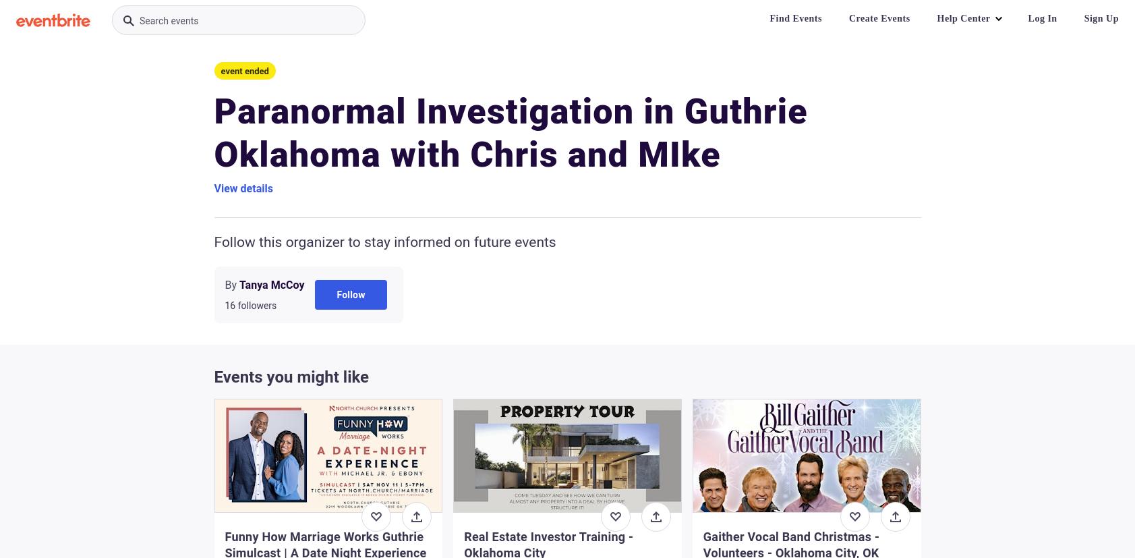 The height and width of the screenshot is (558, 1135). Describe the element at coordinates (230, 284) in the screenshot. I see `'By'` at that location.